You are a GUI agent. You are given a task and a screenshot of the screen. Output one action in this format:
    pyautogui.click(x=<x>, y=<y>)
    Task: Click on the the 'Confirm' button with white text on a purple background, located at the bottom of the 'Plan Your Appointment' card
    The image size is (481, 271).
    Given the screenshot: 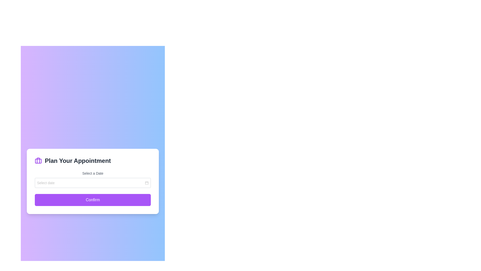 What is the action you would take?
    pyautogui.click(x=93, y=200)
    